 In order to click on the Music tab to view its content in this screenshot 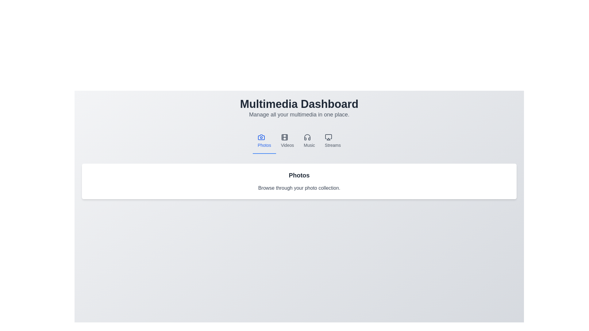, I will do `click(309, 141)`.